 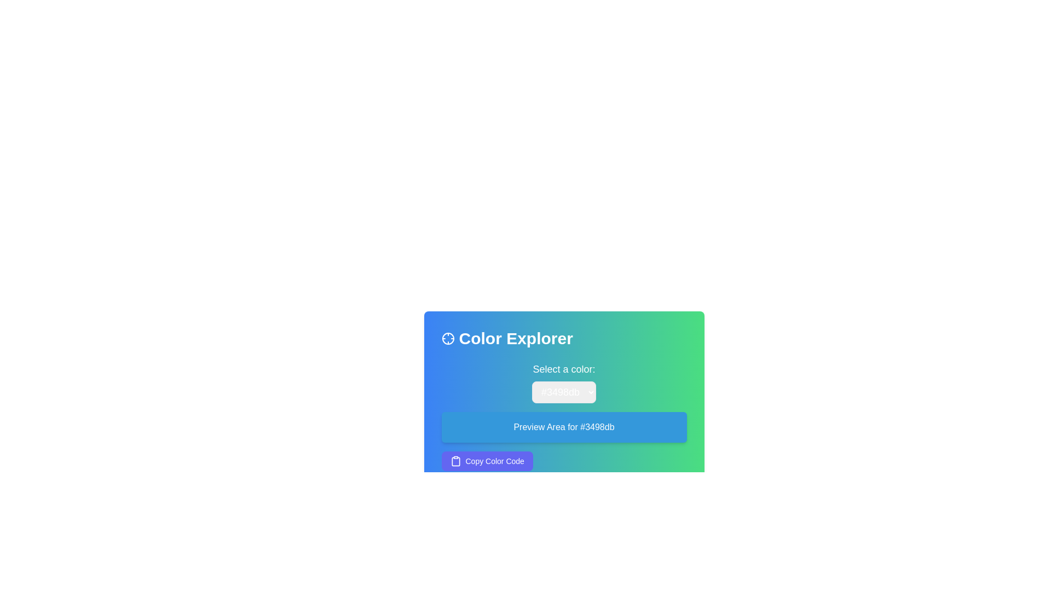 I want to click on the Static Text Label that reads 'Preview Area for #3498db', styled with a white font on a blue background, so click(x=564, y=426).